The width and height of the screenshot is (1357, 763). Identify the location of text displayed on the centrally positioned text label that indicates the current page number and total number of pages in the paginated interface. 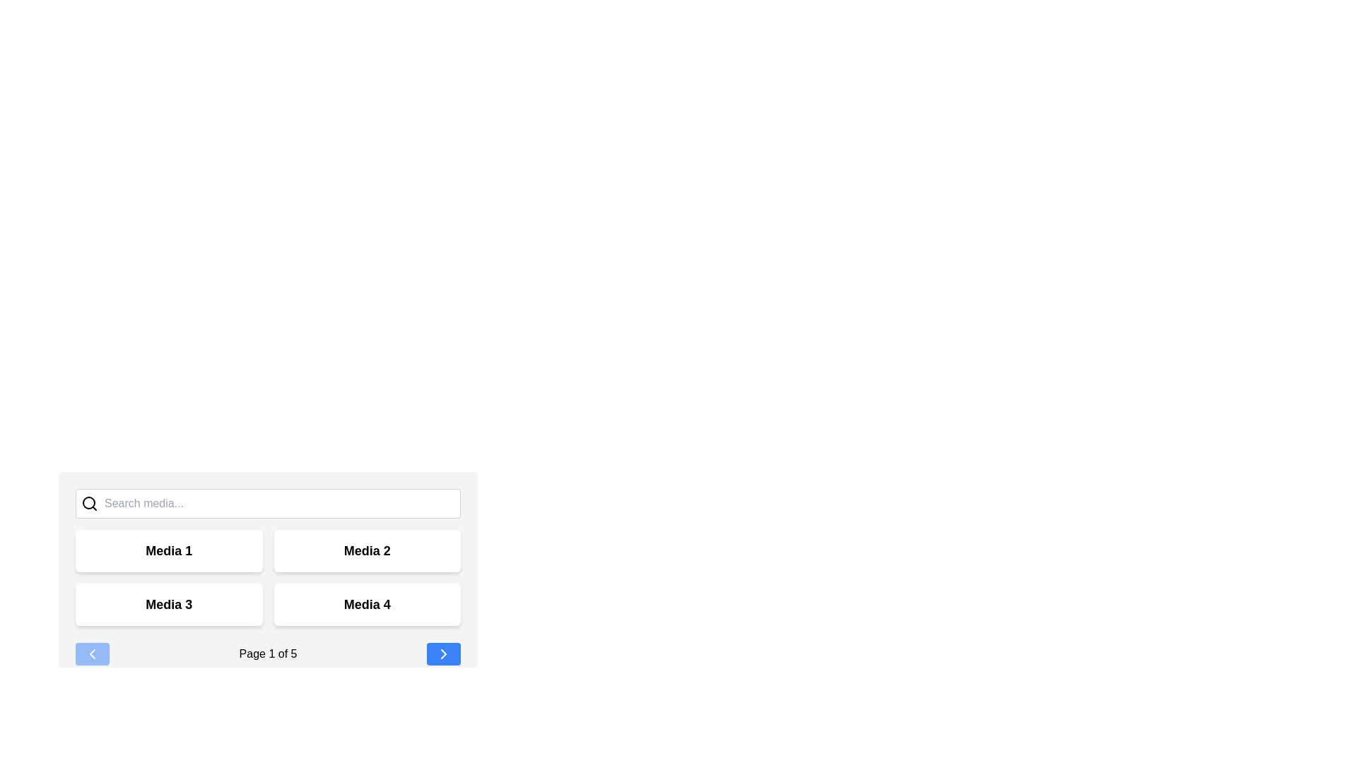
(268, 653).